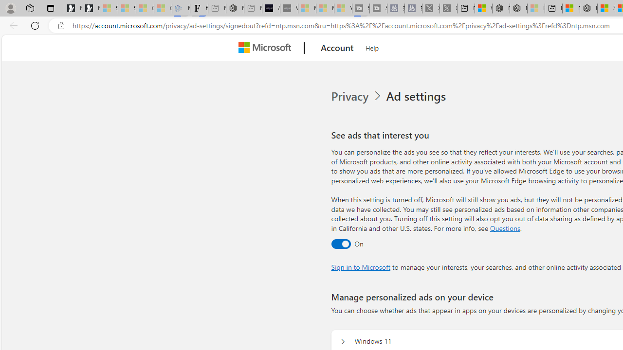 Image resolution: width=623 pixels, height=350 pixels. What do you see at coordinates (372, 47) in the screenshot?
I see `'Help'` at bounding box center [372, 47].